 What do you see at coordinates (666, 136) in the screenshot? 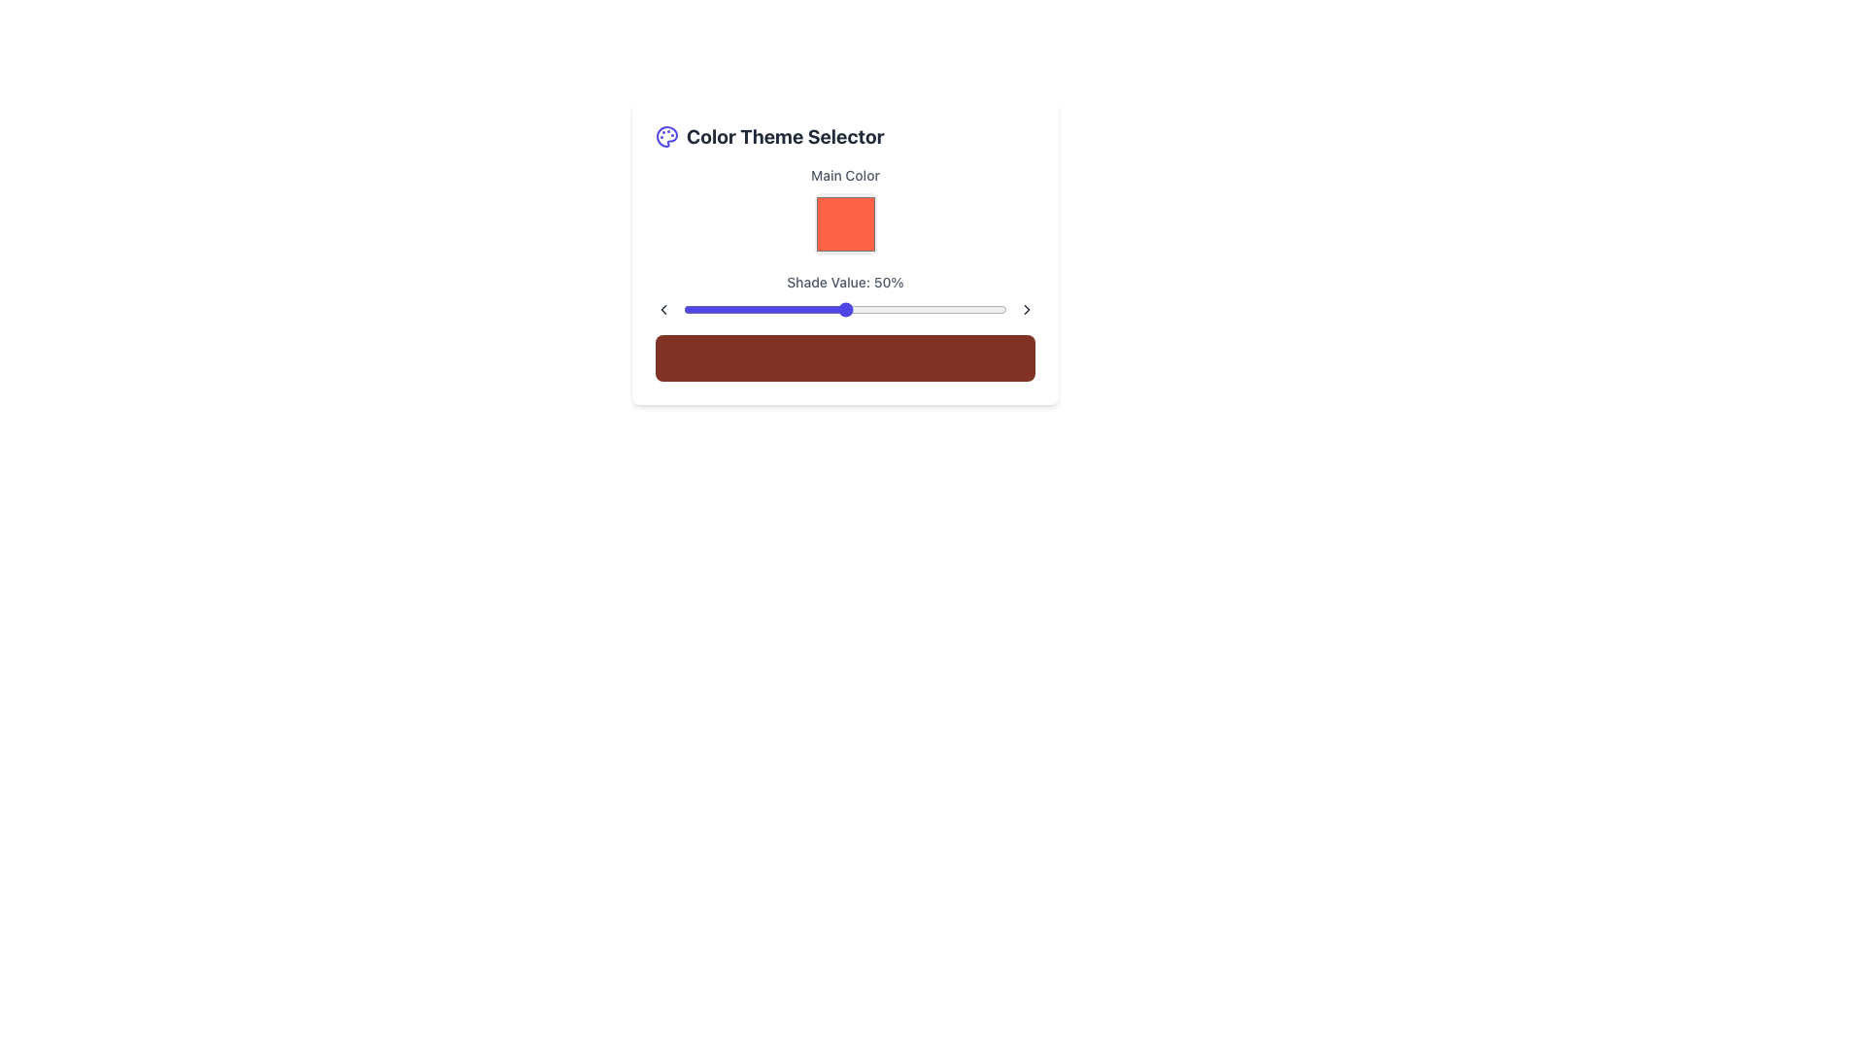
I see `the Decorative Icon located to the left of the 'Color Theme Selector' heading, visually representing the concept of color selection` at bounding box center [666, 136].